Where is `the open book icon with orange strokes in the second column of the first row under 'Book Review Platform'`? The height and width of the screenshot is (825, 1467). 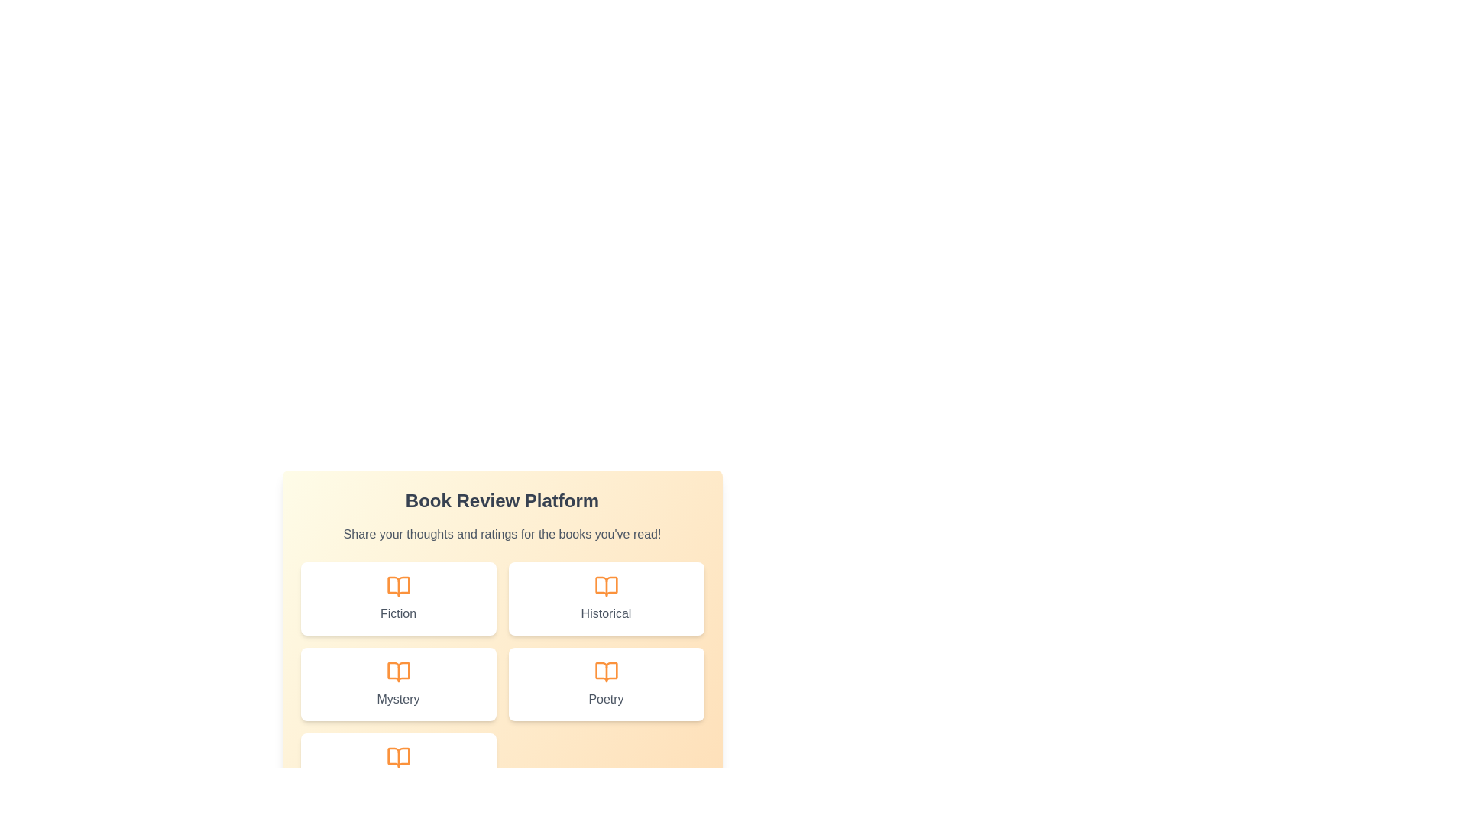
the open book icon with orange strokes in the second column of the first row under 'Book Review Platform' is located at coordinates (605, 585).